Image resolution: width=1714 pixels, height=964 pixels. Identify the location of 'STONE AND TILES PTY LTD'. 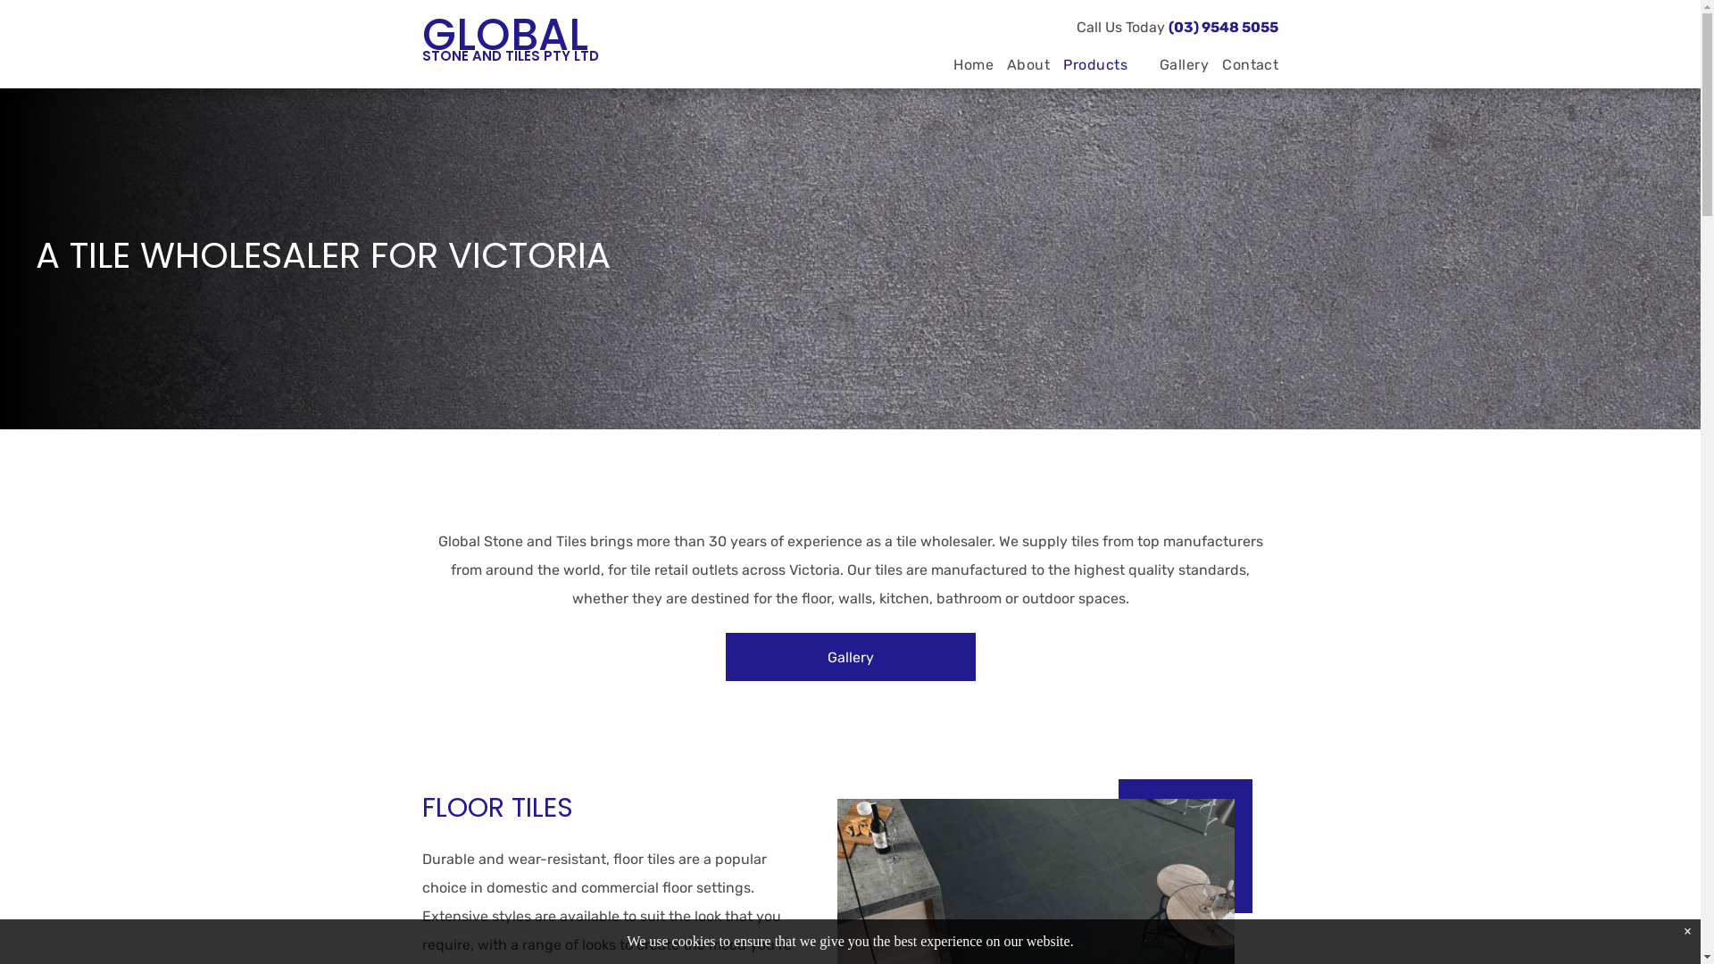
(509, 54).